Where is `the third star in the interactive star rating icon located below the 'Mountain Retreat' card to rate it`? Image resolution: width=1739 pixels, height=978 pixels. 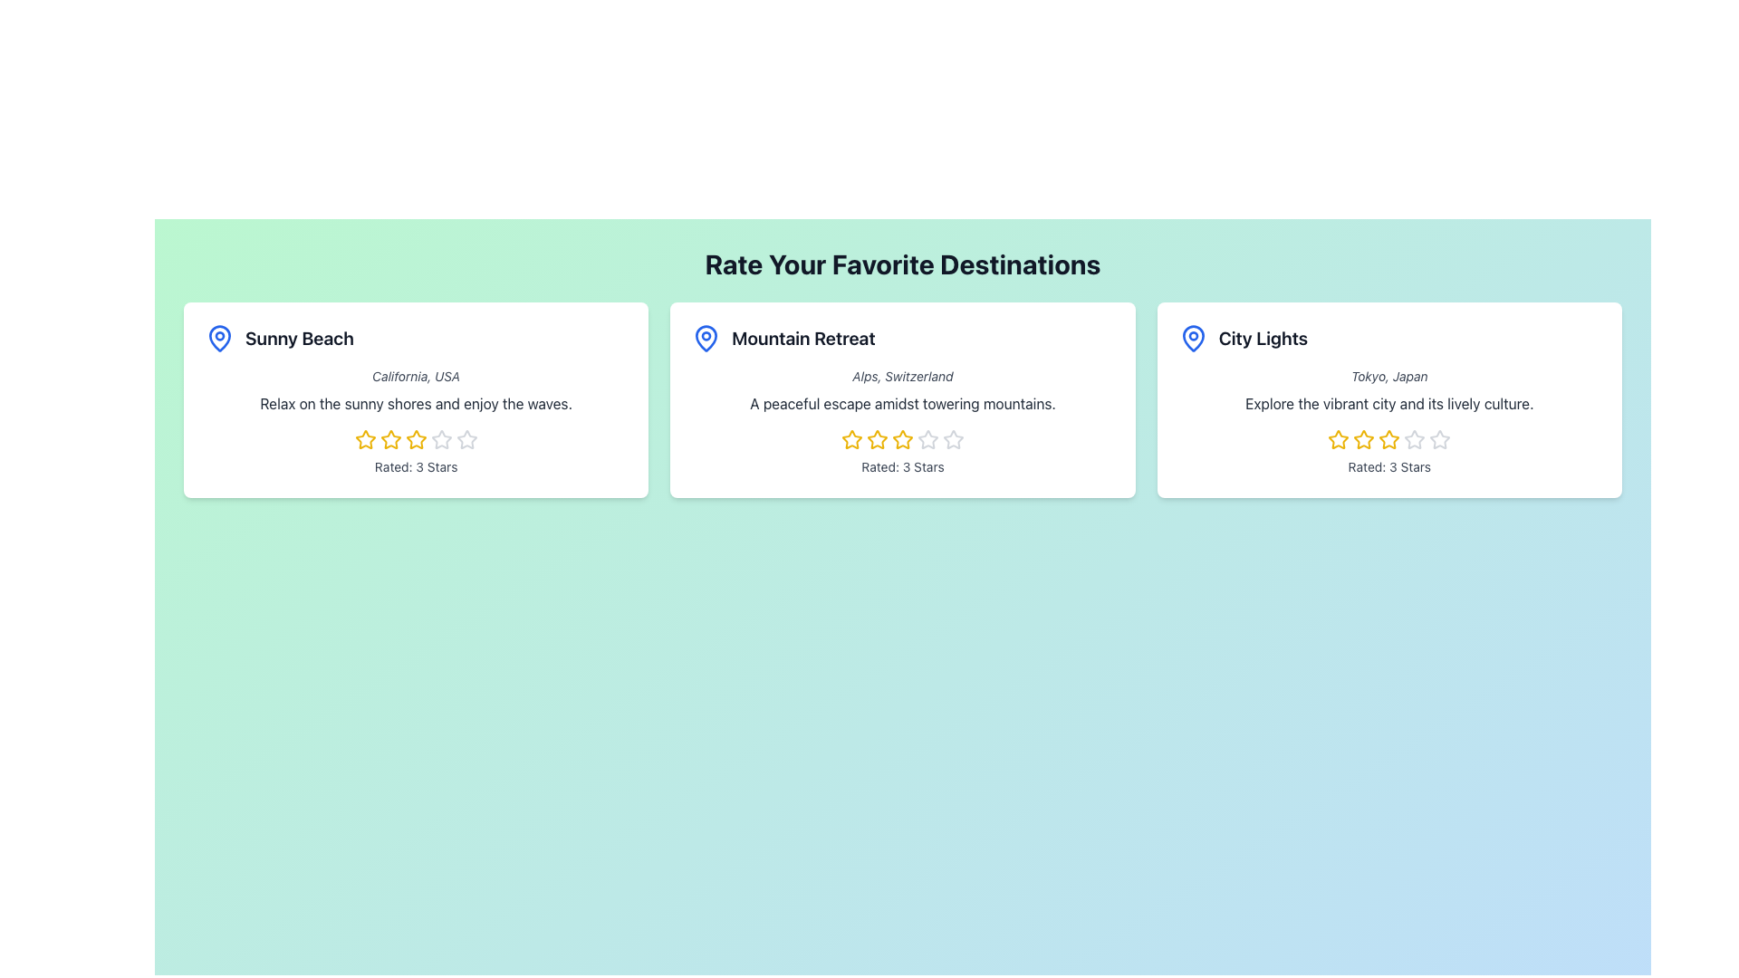 the third star in the interactive star rating icon located below the 'Mountain Retreat' card to rate it is located at coordinates (878, 440).